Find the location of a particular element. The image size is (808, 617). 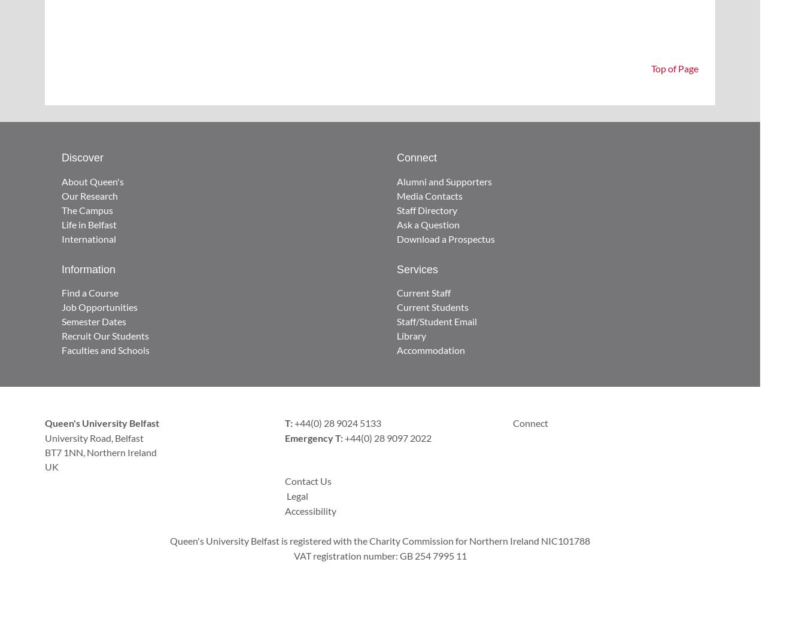

'Find a Course' is located at coordinates (90, 292).